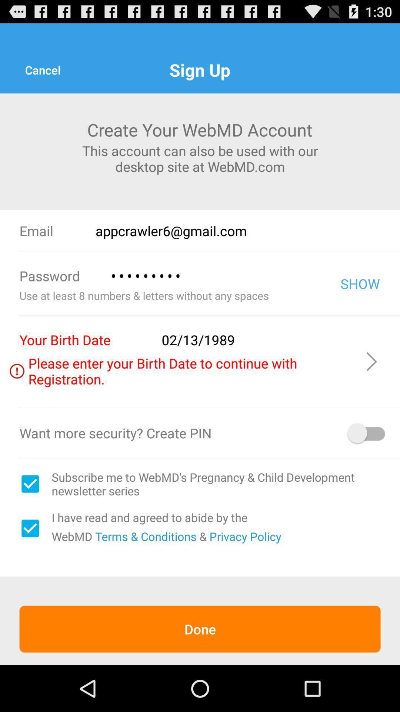 This screenshot has width=400, height=712. I want to click on item to the right of the password, so click(214, 276).